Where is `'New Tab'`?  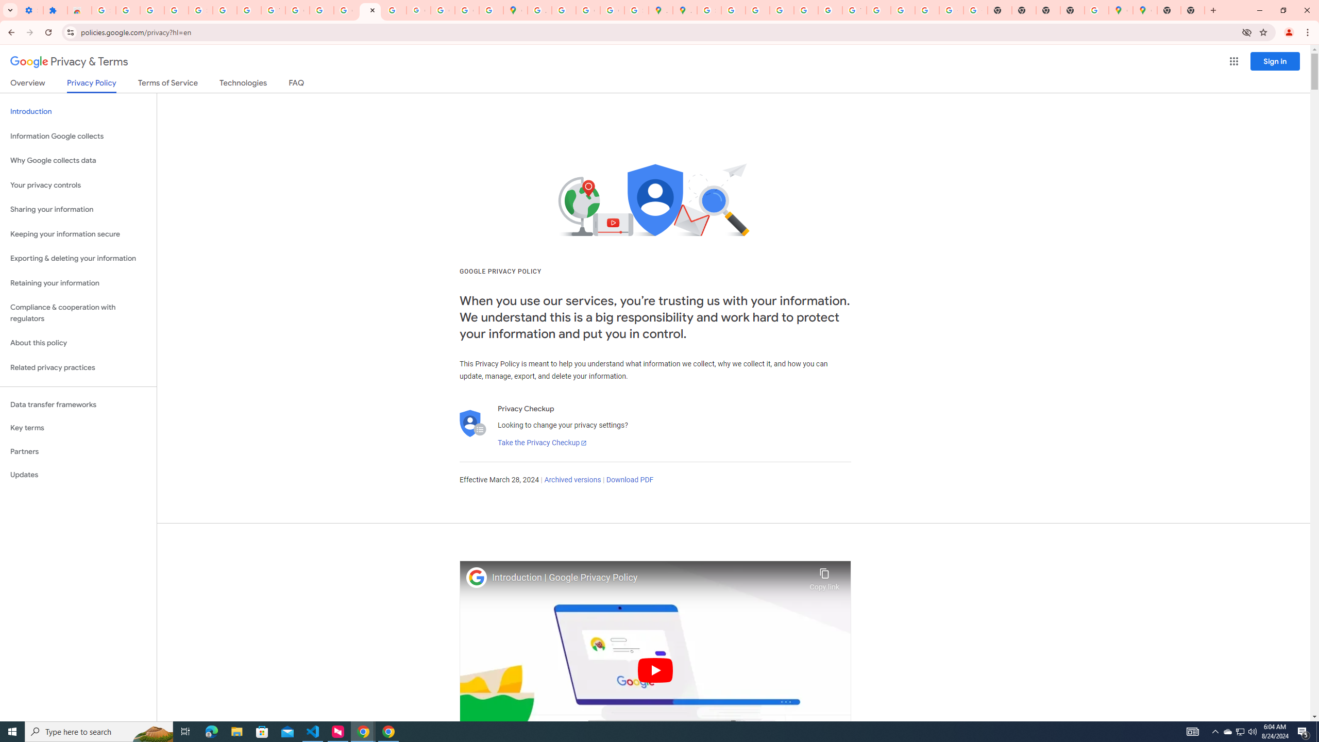
'New Tab' is located at coordinates (1193, 10).